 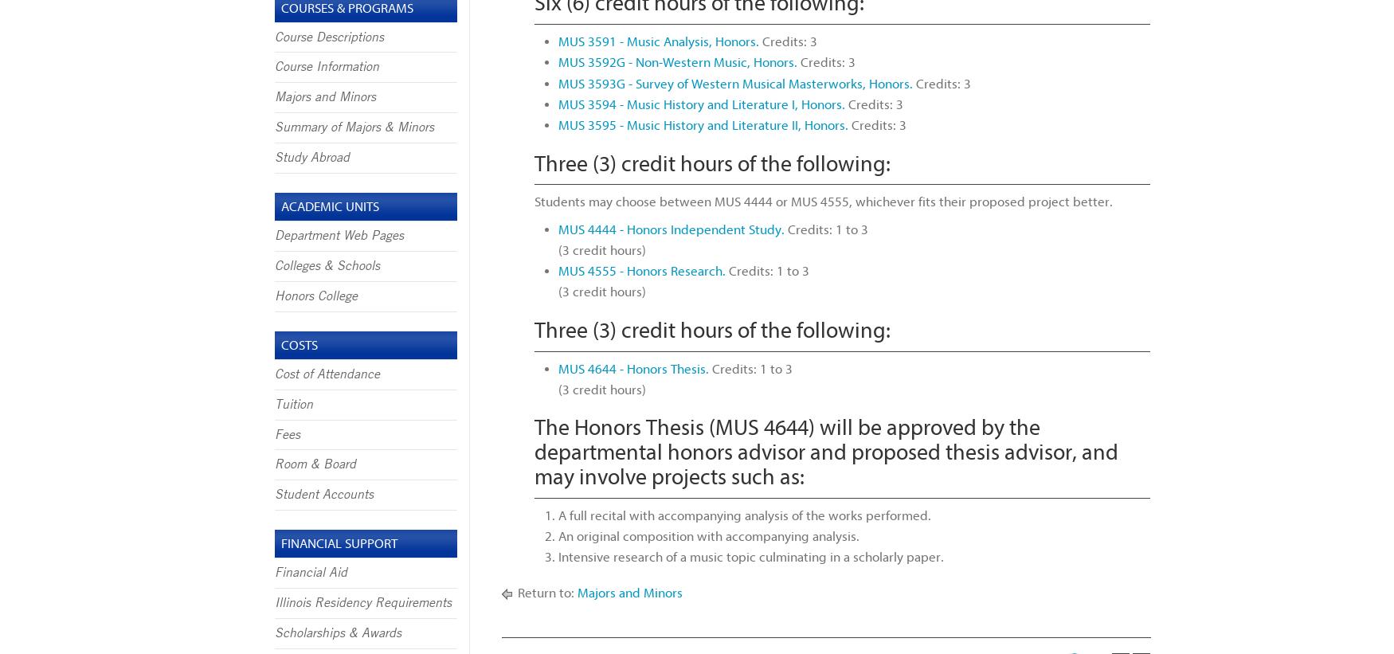 What do you see at coordinates (822, 202) in the screenshot?
I see `'Students may choose between MUS 4444 or MUS 4555, whichever fits their proposed project better.'` at bounding box center [822, 202].